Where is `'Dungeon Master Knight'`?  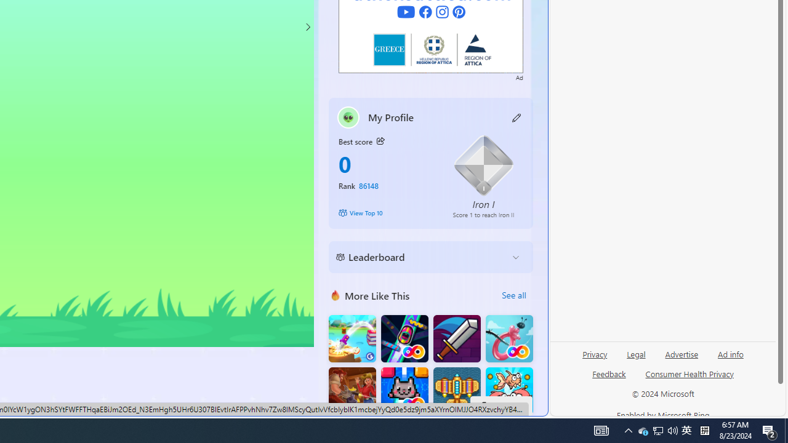
'Dungeon Master Knight' is located at coordinates (456, 338).